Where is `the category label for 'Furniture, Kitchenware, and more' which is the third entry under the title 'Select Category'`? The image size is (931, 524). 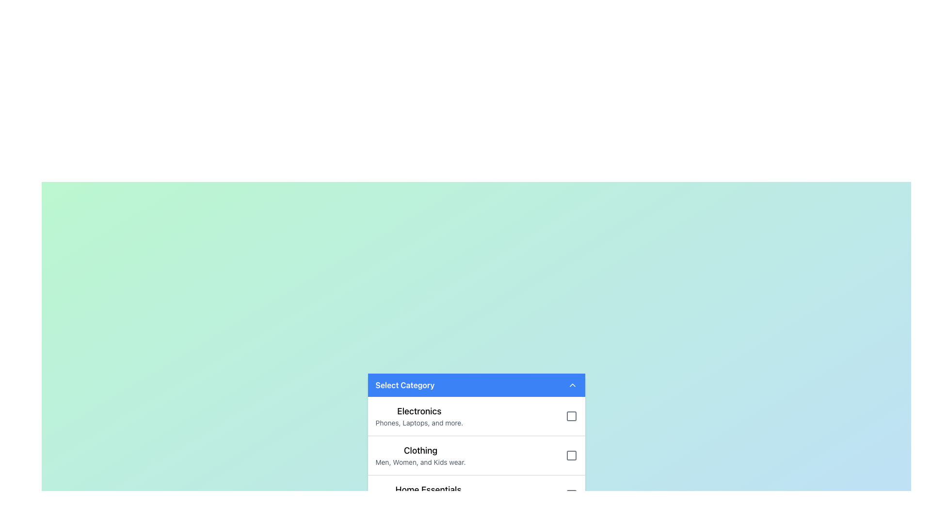 the category label for 'Furniture, Kitchenware, and more' which is the third entry under the title 'Select Category' is located at coordinates (428, 490).